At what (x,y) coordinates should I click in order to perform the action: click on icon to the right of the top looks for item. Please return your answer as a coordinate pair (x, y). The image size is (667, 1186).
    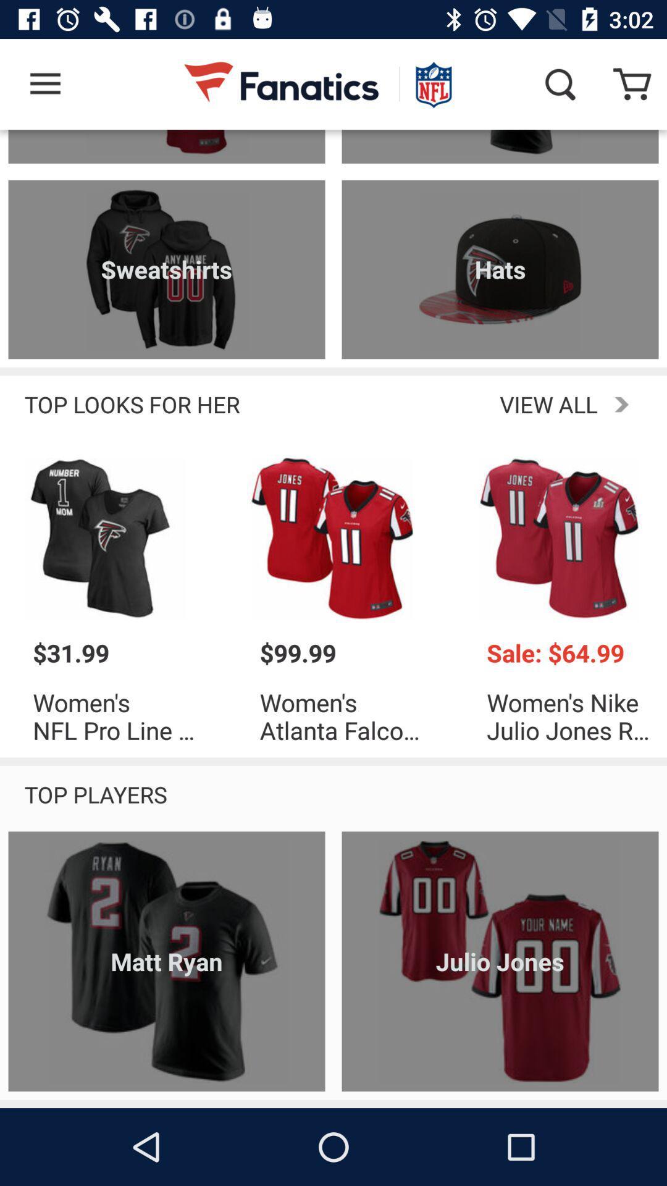
    Looking at the image, I should click on (449, 404).